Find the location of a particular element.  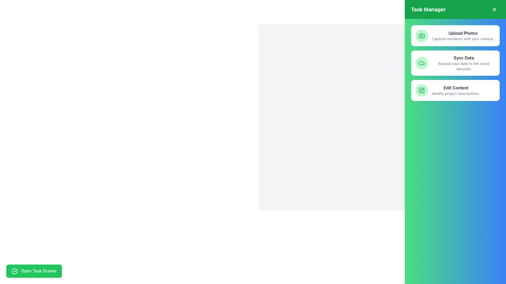

text label displaying the phrase 'Backup your data to the cloud securely.' which is positioned below the 'Sync Data' heading in the sidebar is located at coordinates (464, 66).